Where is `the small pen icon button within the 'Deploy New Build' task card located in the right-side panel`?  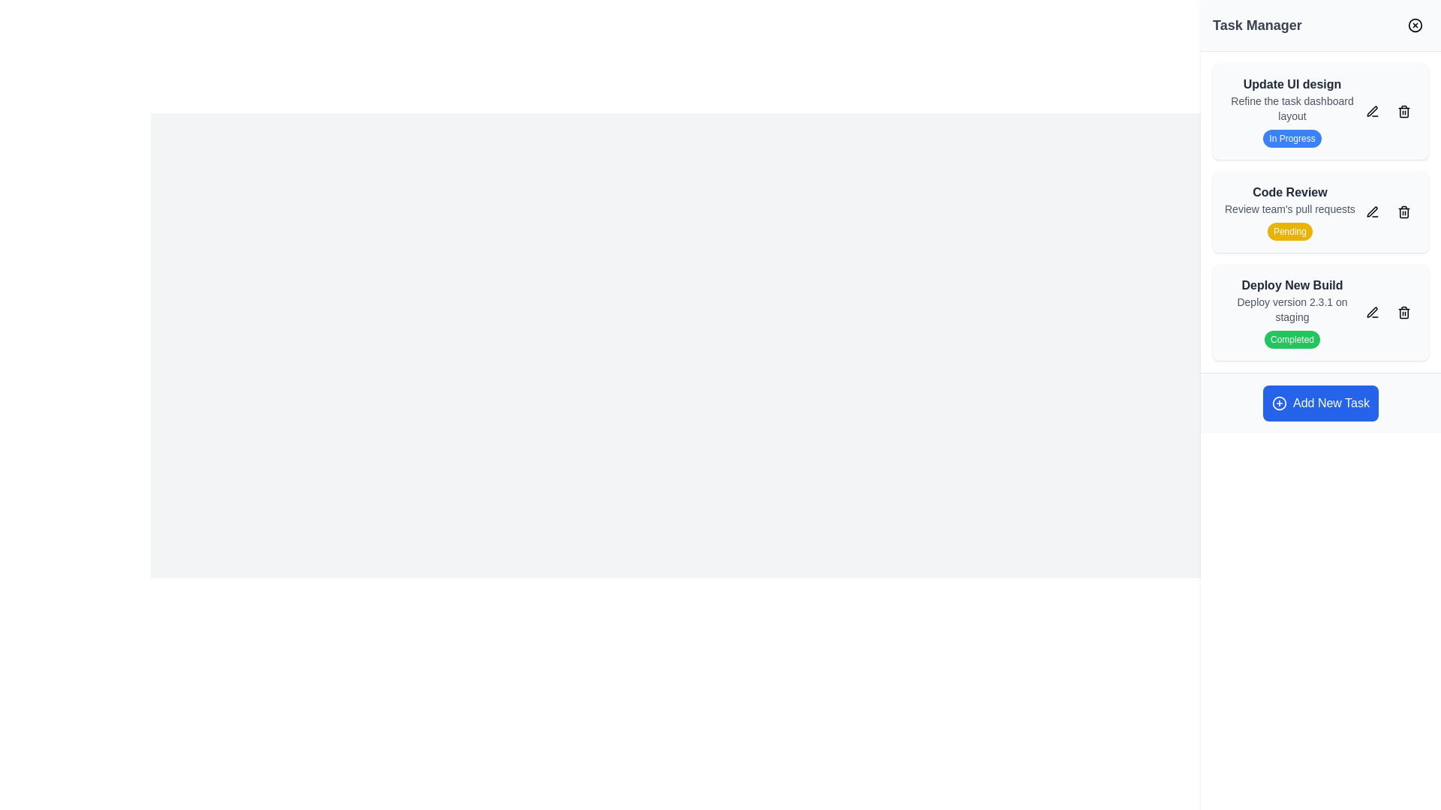
the small pen icon button within the 'Deploy New Build' task card located in the right-side panel is located at coordinates (1372, 311).